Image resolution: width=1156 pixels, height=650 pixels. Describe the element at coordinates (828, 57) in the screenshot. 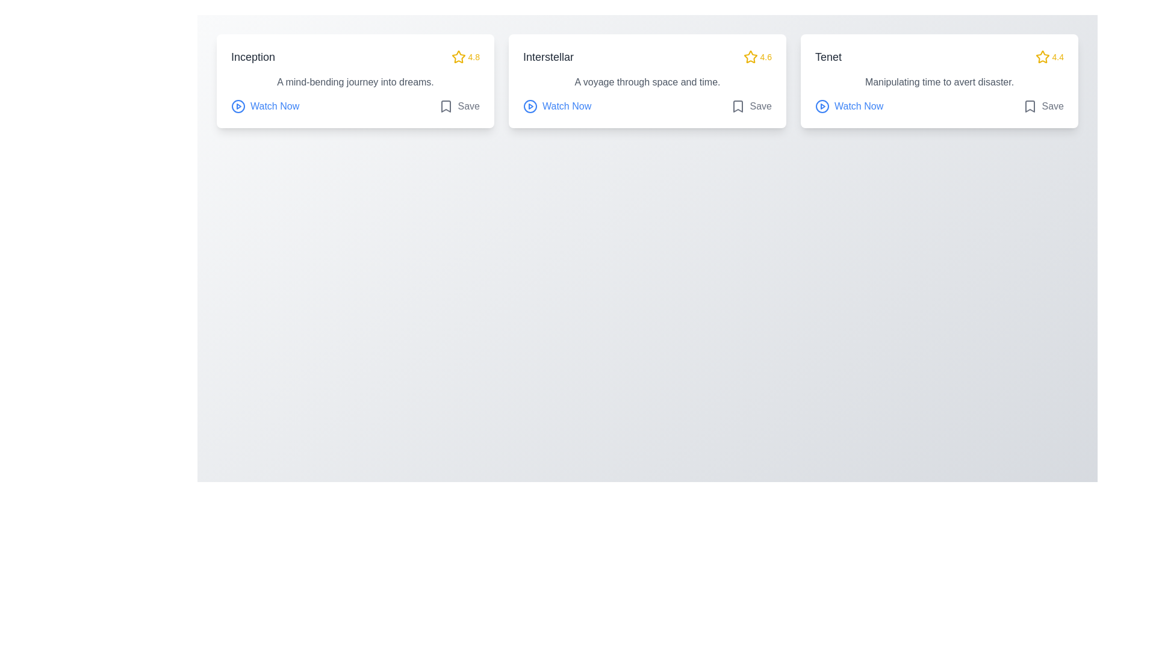

I see `the text label displaying 'Tenet' which is located in the upper left corner of the third card in a horizontally arranged list` at that location.